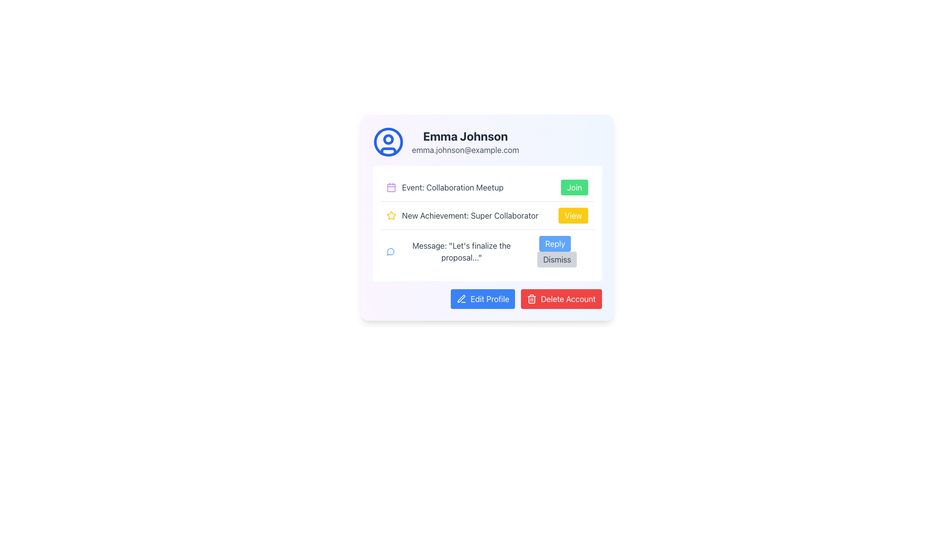 Image resolution: width=949 pixels, height=533 pixels. What do you see at coordinates (461, 298) in the screenshot?
I see `the pen icon within the 'Edit Profile' button located at the lower-left corner of the user profile card` at bounding box center [461, 298].